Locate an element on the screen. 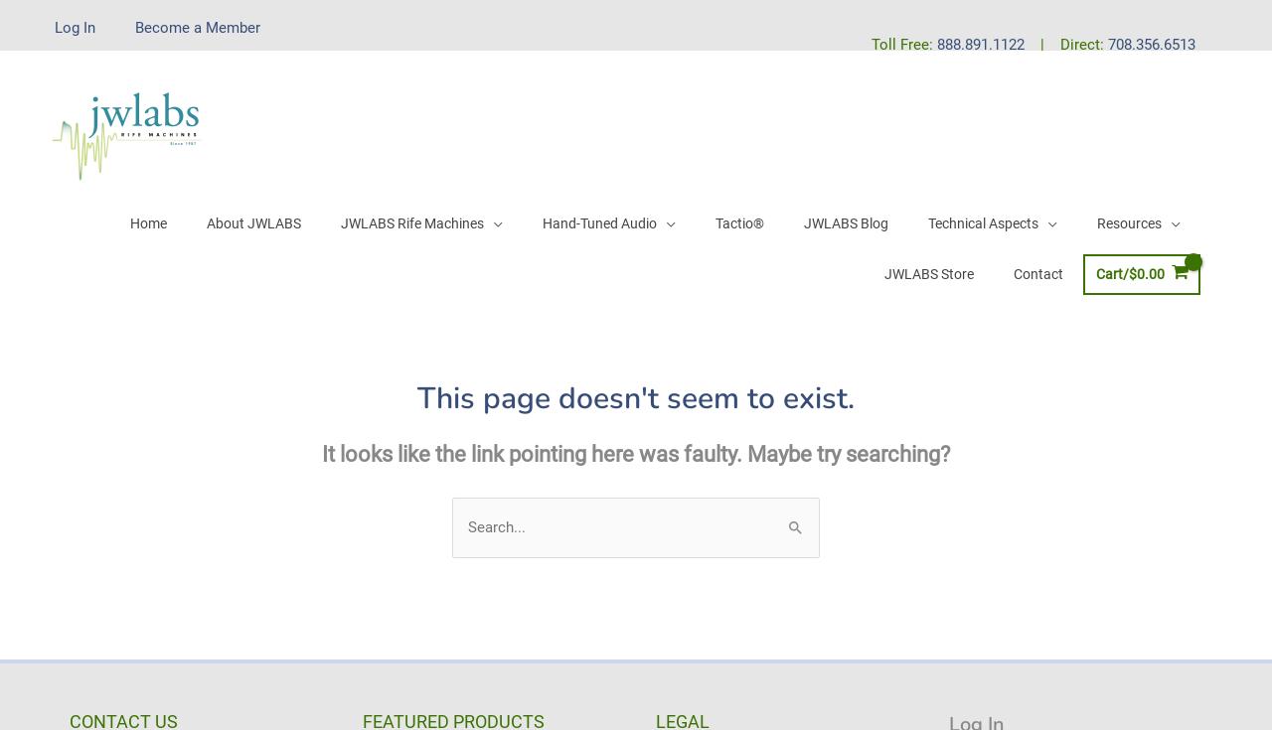 This screenshot has width=1272, height=730. 'JWLABS Rife Machines' is located at coordinates (409, 221).